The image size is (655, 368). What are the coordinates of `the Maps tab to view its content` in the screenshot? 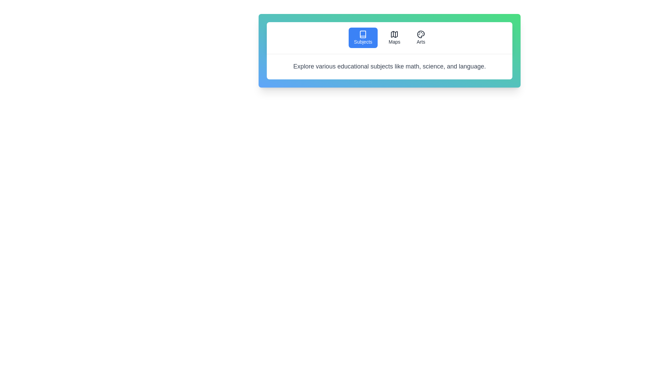 It's located at (394, 38).